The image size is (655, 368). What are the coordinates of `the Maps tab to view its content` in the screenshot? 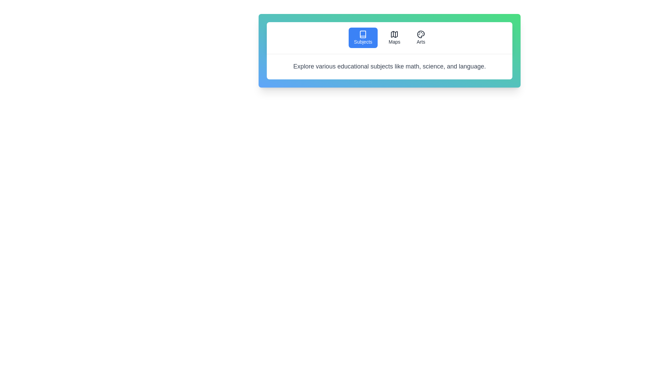 It's located at (394, 38).